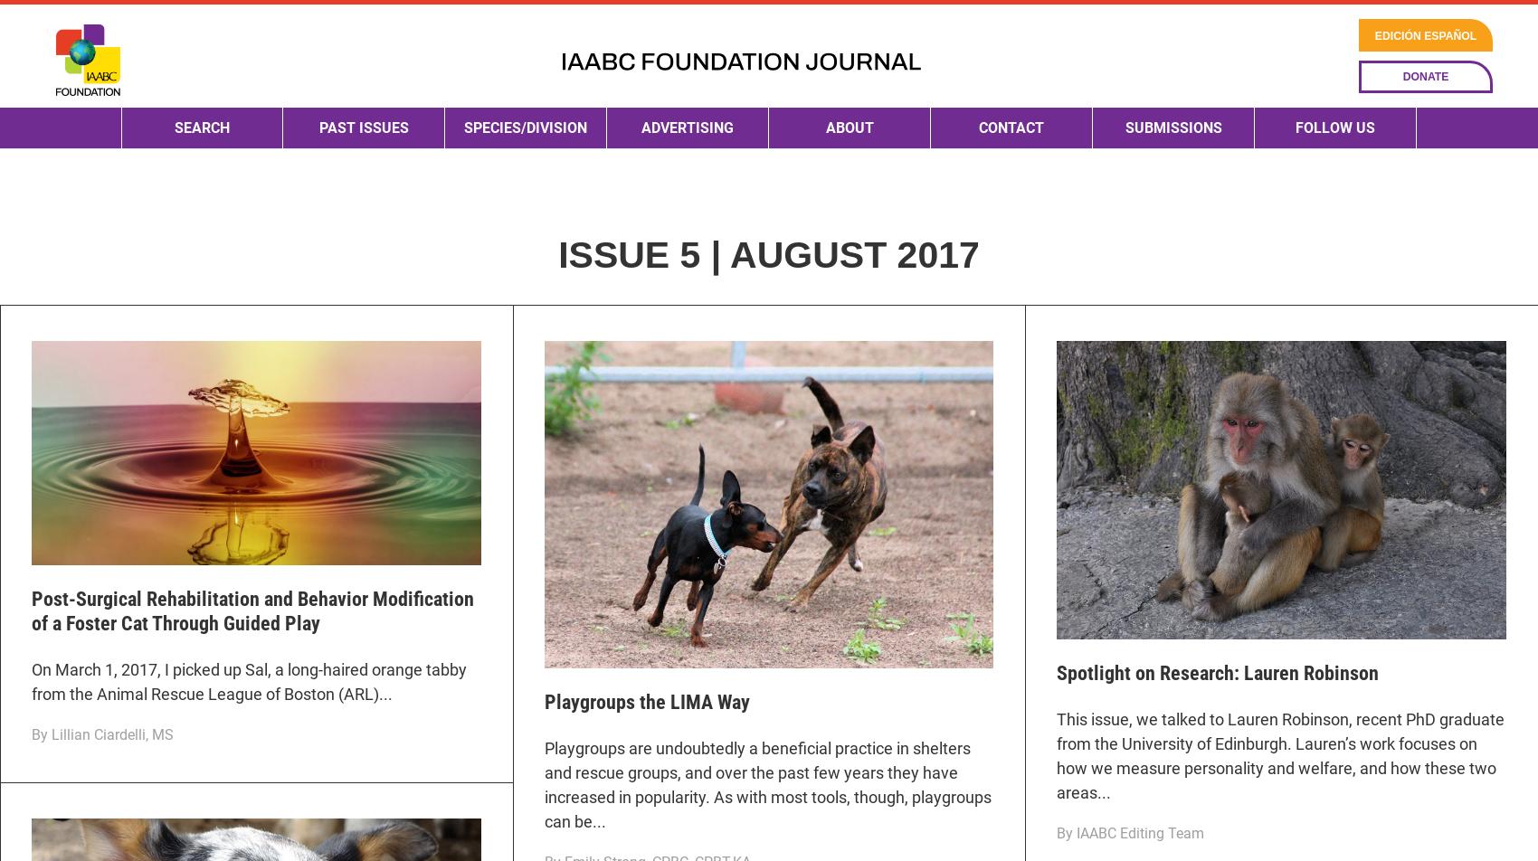 This screenshot has height=861, width=1538. What do you see at coordinates (542, 702) in the screenshot?
I see `'Playgroups the LIMA Way'` at bounding box center [542, 702].